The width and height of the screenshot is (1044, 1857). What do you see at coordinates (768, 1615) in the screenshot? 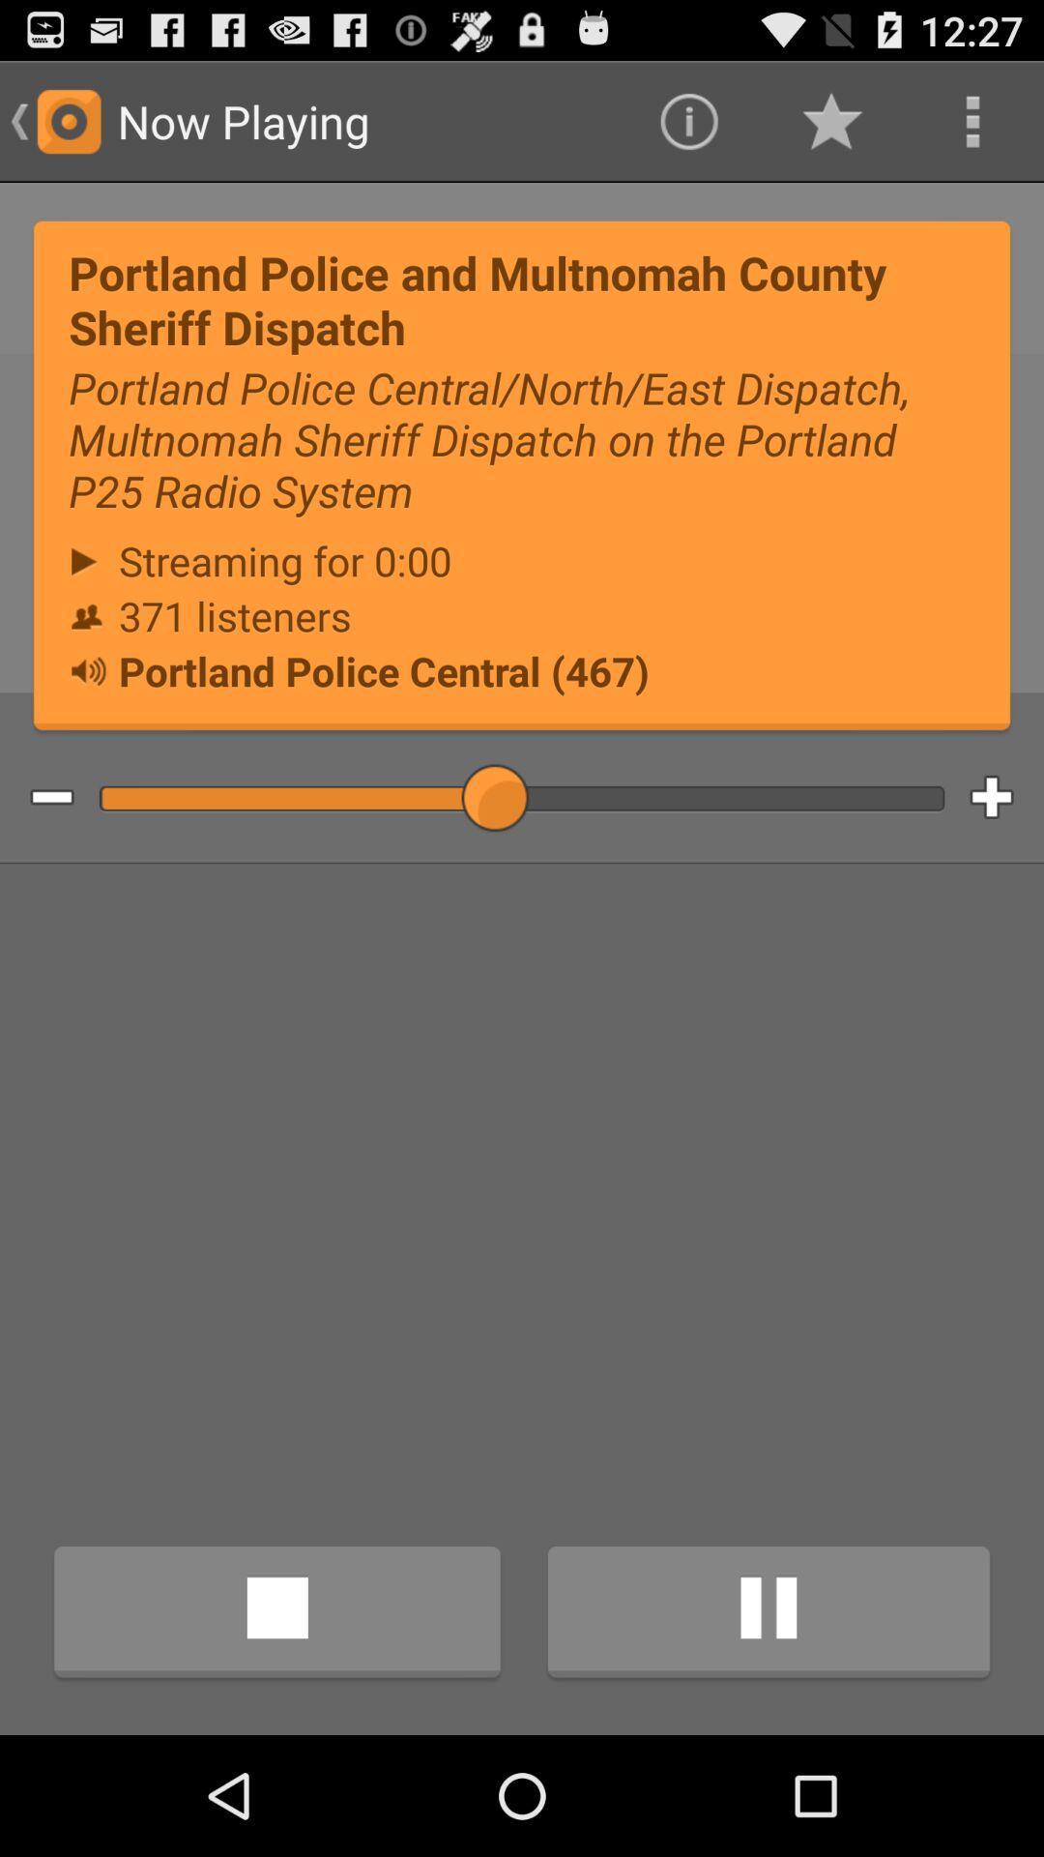
I see `the icon at the bottom right corner` at bounding box center [768, 1615].